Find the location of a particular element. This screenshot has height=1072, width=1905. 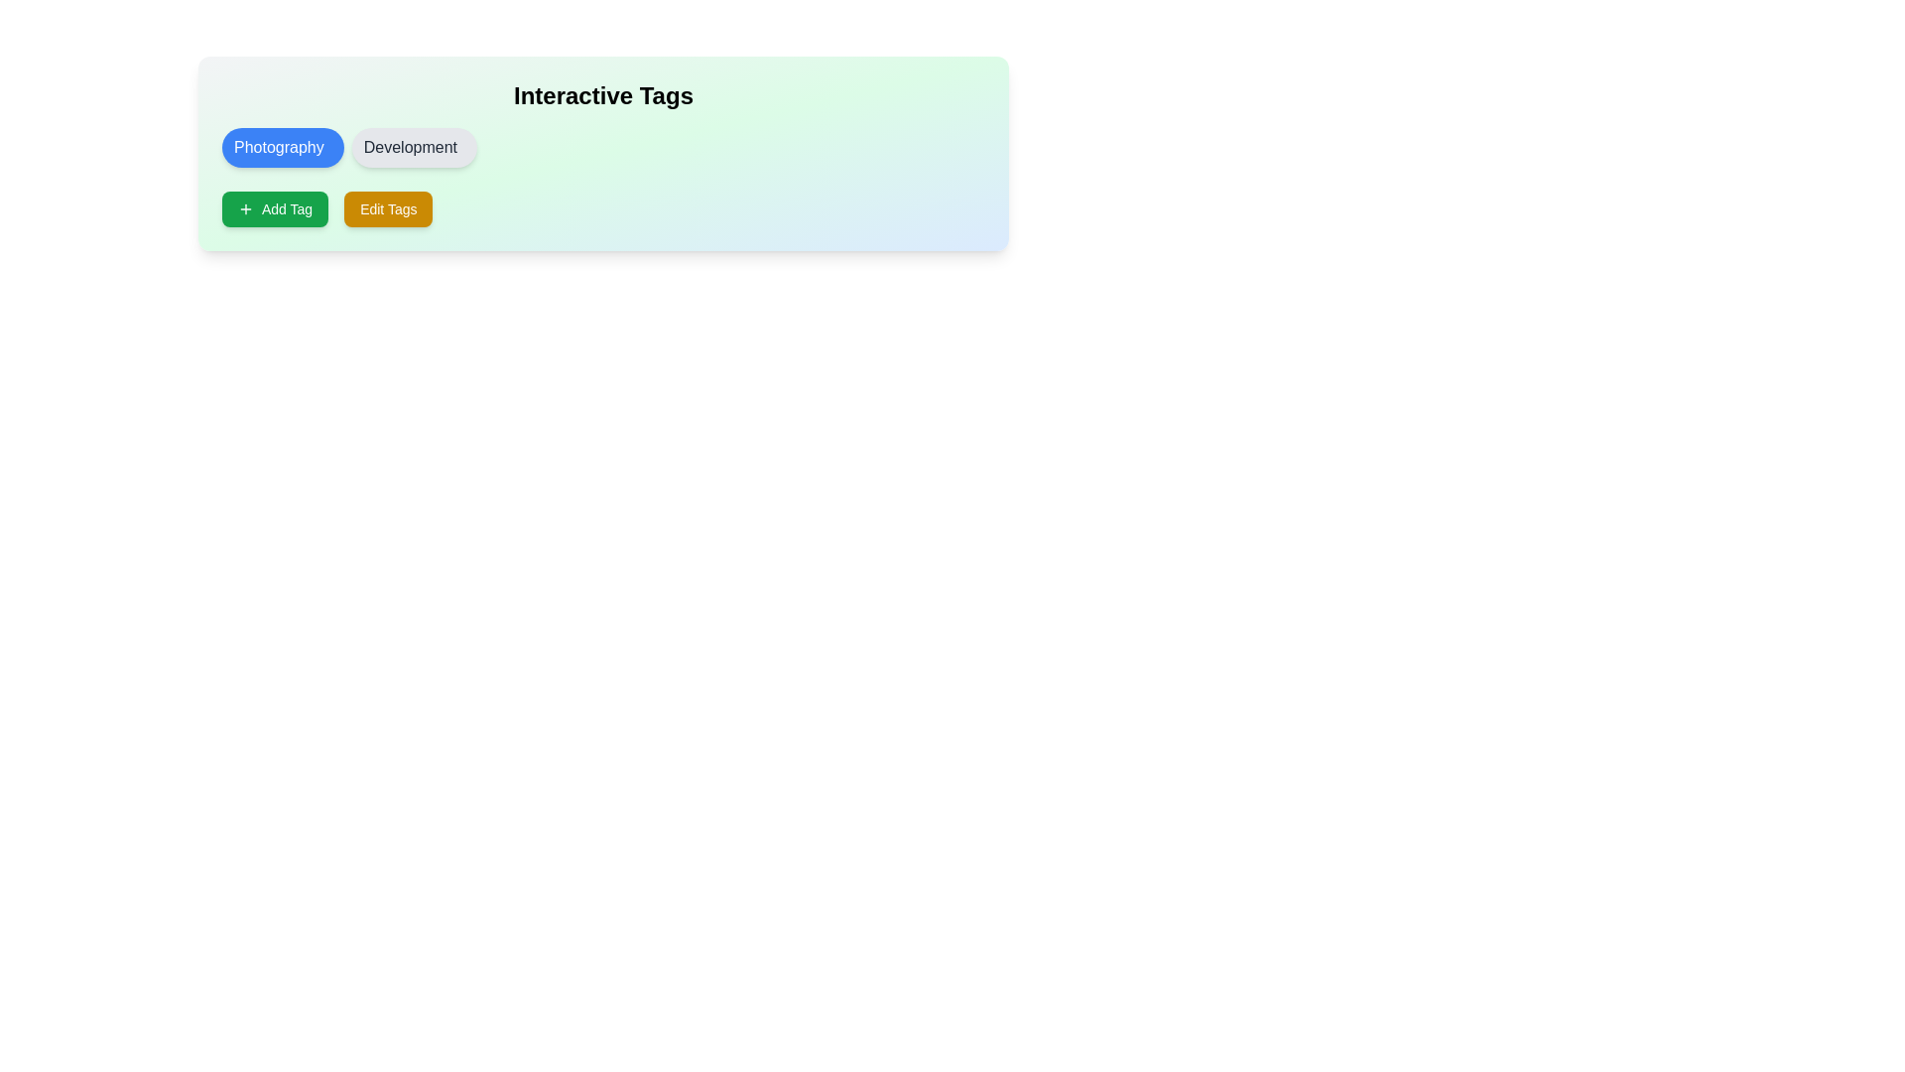

the 'Photography' text label, which is styled in a medium-weight font, white color, and set against a vivid blue rounded rectangular background within the 'Interactive Tags' section is located at coordinates (278, 147).